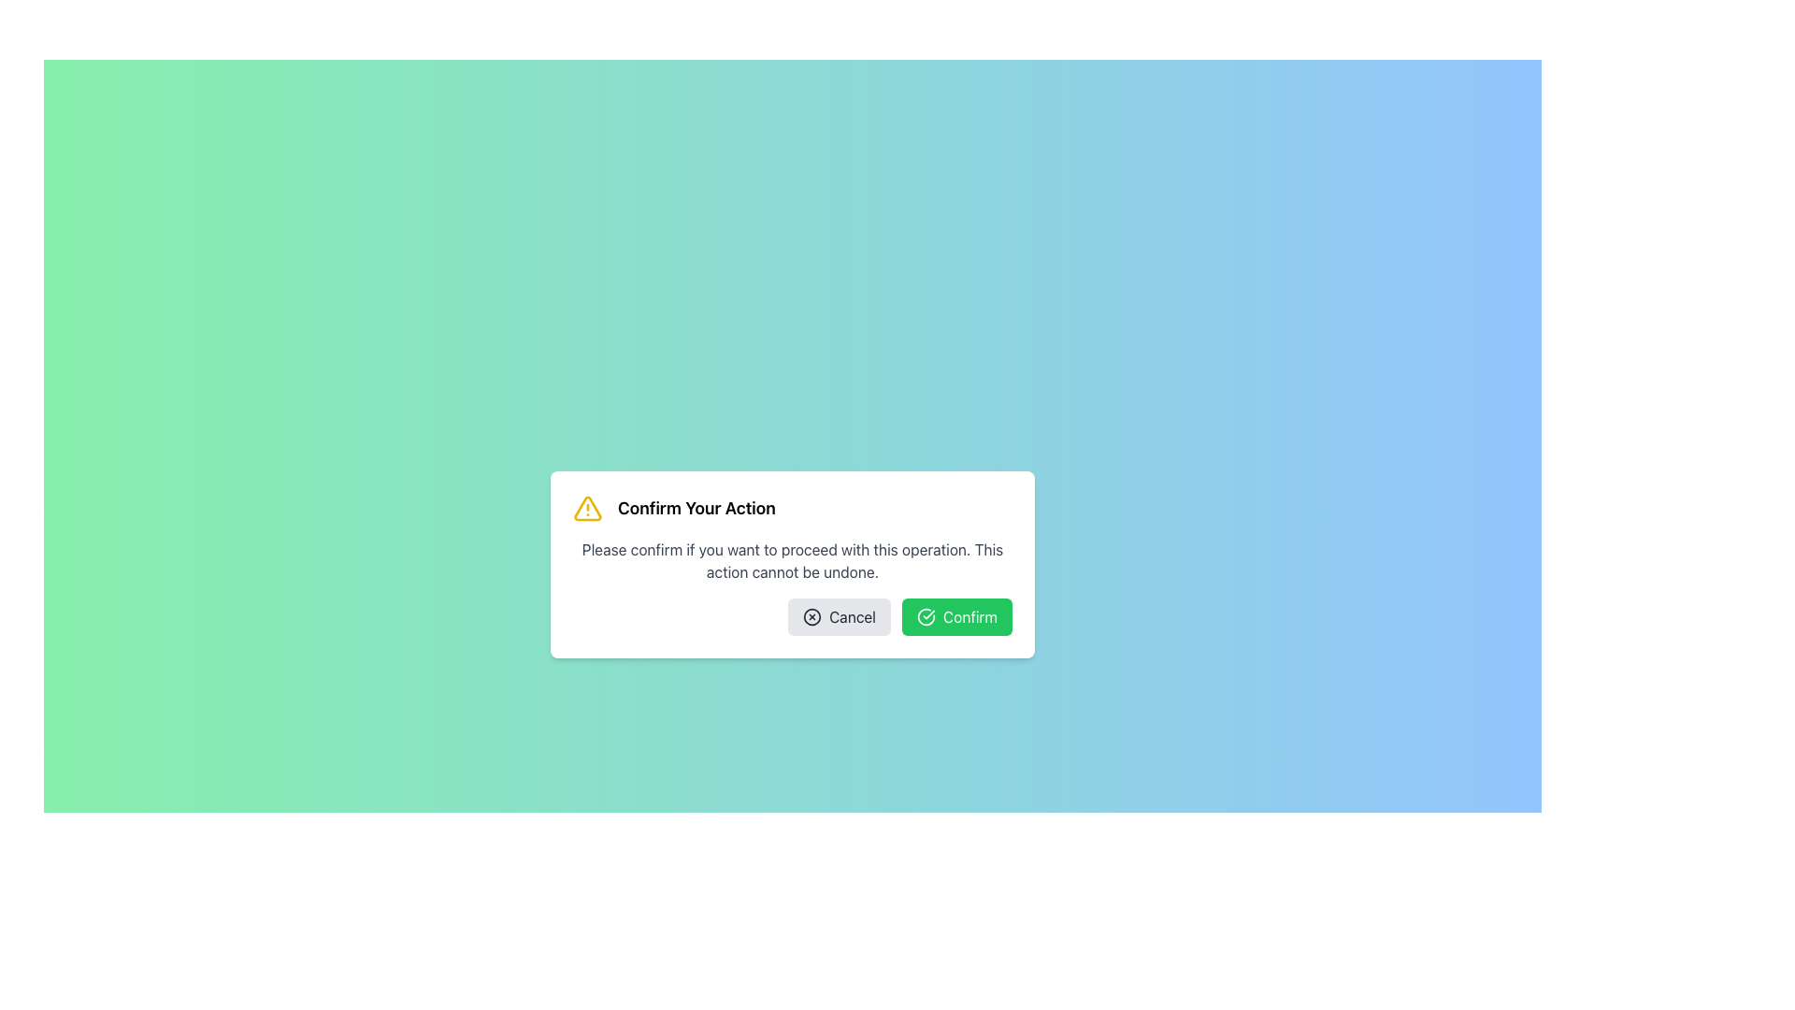 The width and height of the screenshot is (1795, 1010). Describe the element at coordinates (838, 616) in the screenshot. I see `the 'Cancel' button with a gray background and an 'X' icon located in the bottom right area of the modal dialog` at that location.